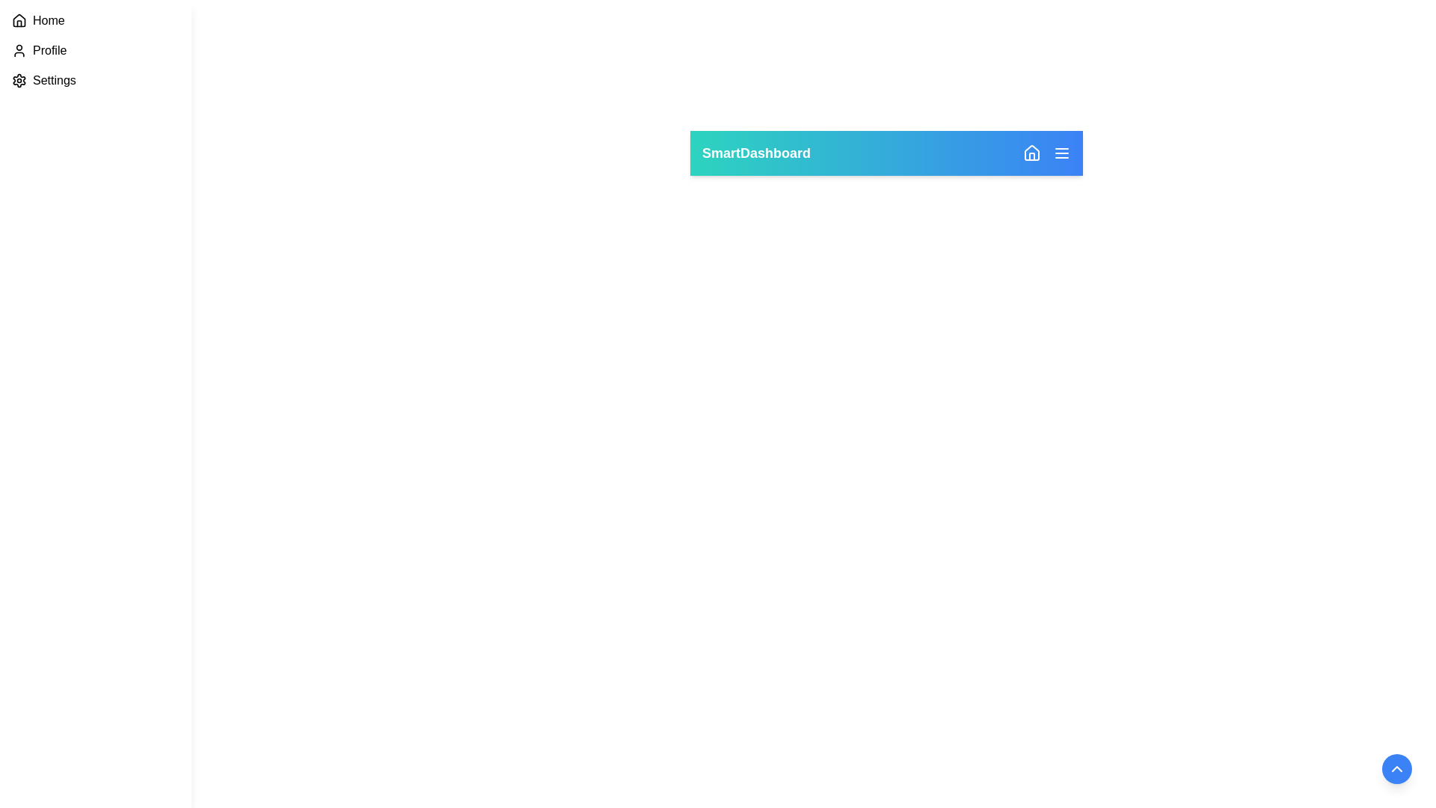 The image size is (1436, 808). Describe the element at coordinates (19, 50) in the screenshot. I see `the 'Profile' SVG icon located to the left of the text 'Profile' in the sidebar menu` at that location.